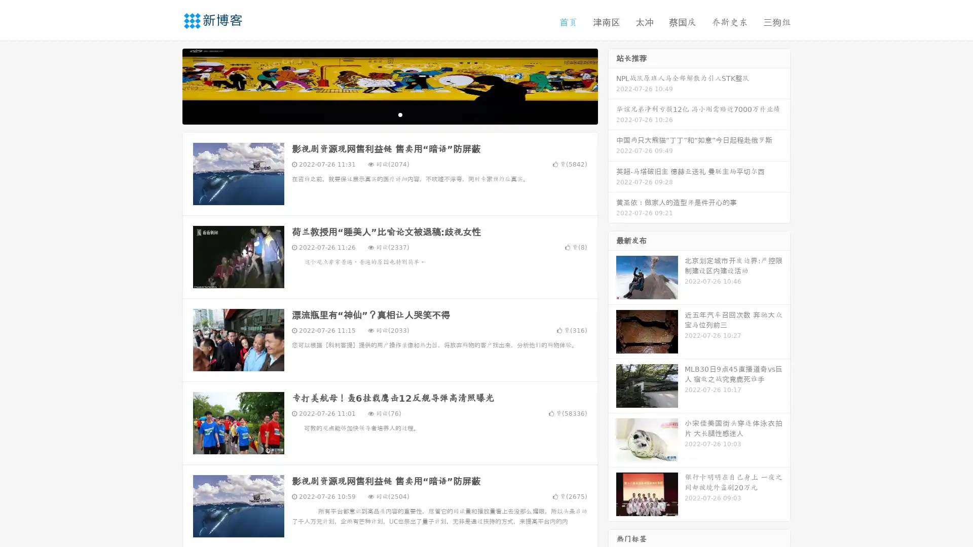  I want to click on Go to slide 3, so click(400, 114).